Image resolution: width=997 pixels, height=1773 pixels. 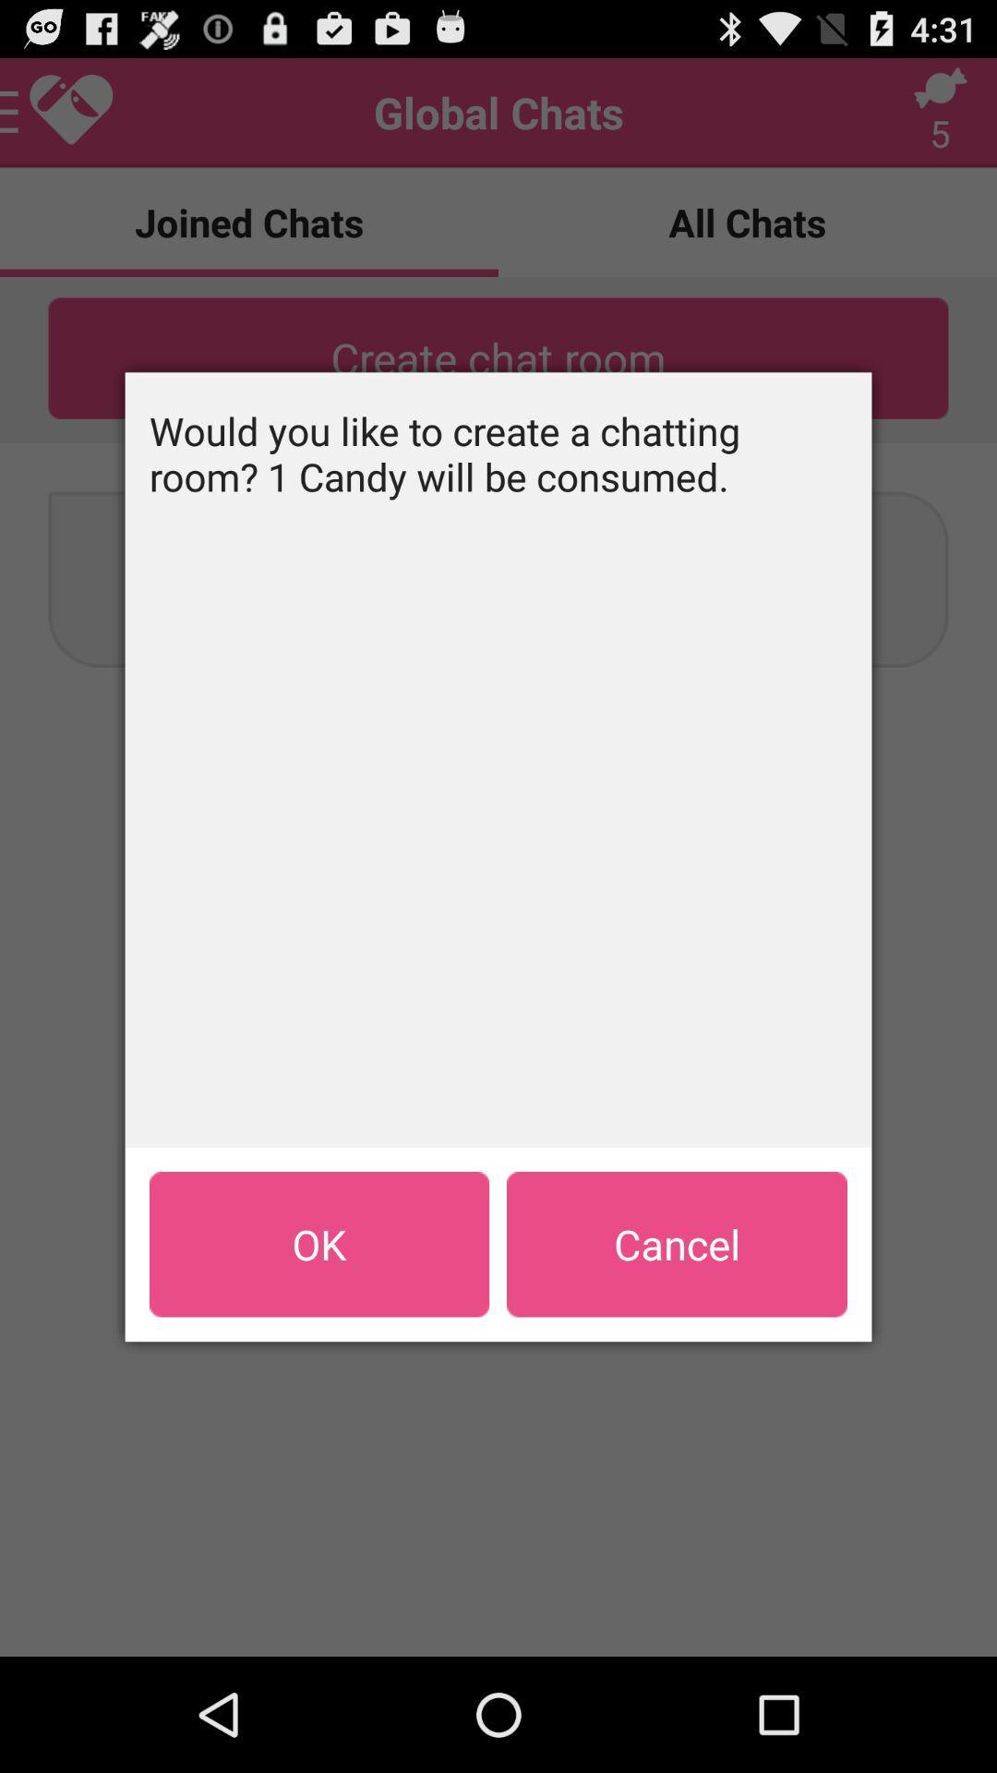 I want to click on cancel at the bottom right corner, so click(x=677, y=1244).